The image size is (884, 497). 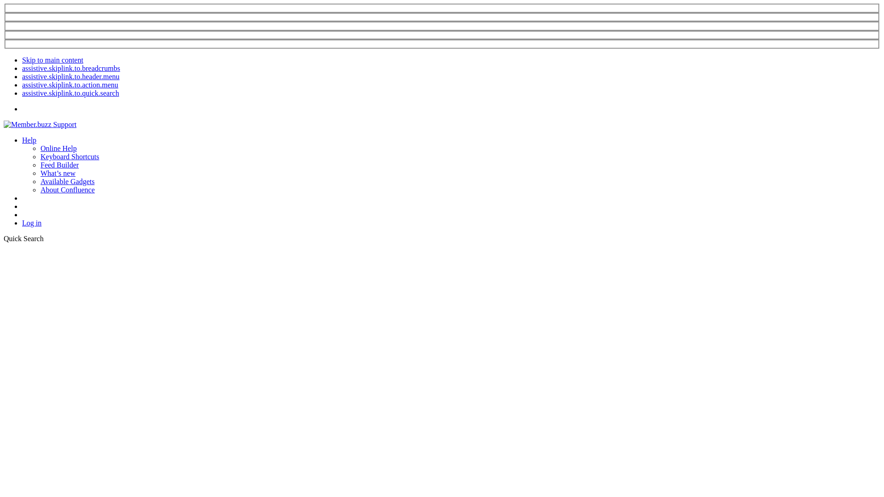 What do you see at coordinates (31, 223) in the screenshot?
I see `'Log in'` at bounding box center [31, 223].